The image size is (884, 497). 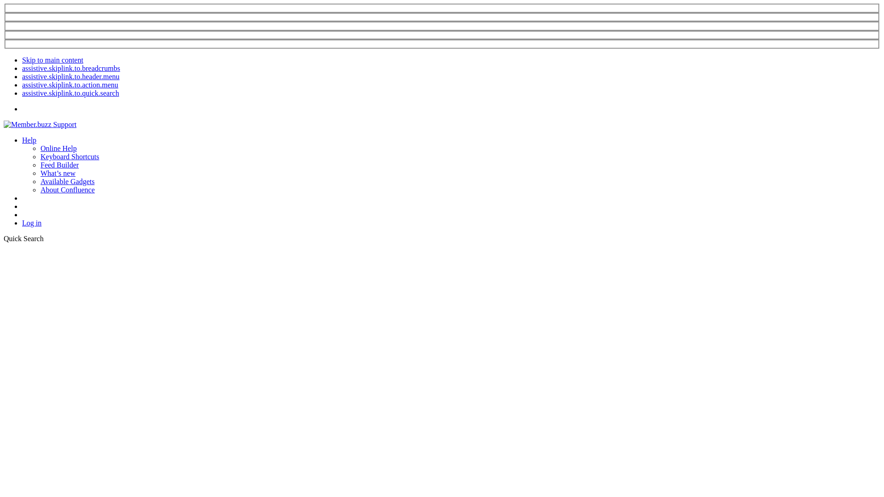 What do you see at coordinates (31, 223) in the screenshot?
I see `'Log in'` at bounding box center [31, 223].